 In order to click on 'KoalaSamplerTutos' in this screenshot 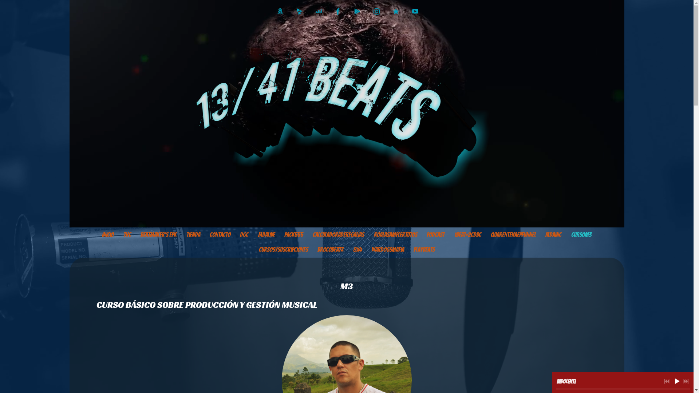, I will do `click(395, 235)`.